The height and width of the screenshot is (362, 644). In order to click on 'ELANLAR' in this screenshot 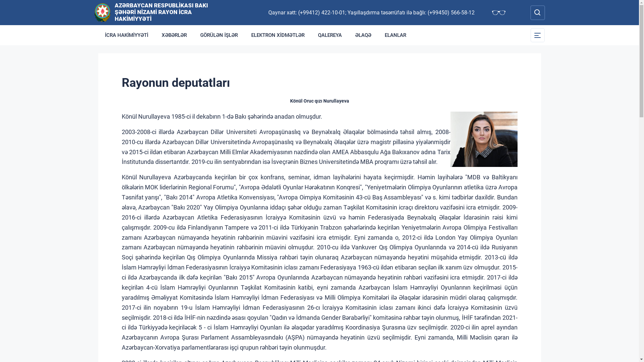, I will do `click(378, 35)`.